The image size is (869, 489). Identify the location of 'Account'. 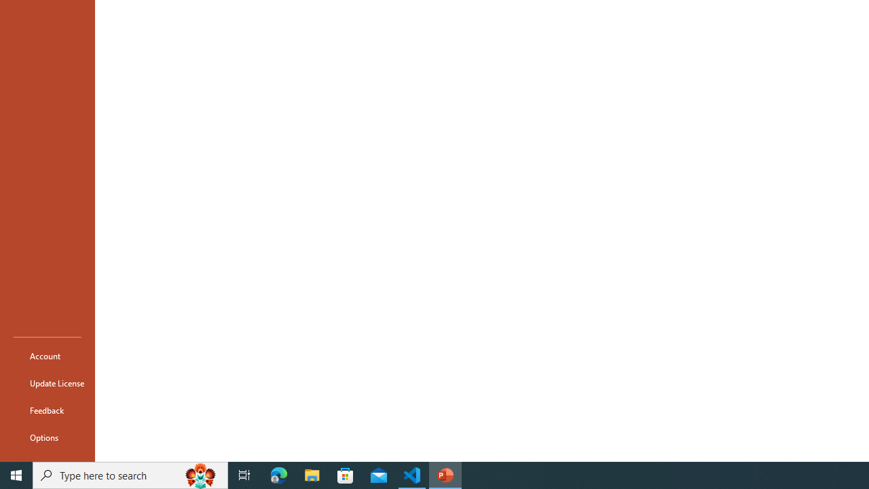
(47, 355).